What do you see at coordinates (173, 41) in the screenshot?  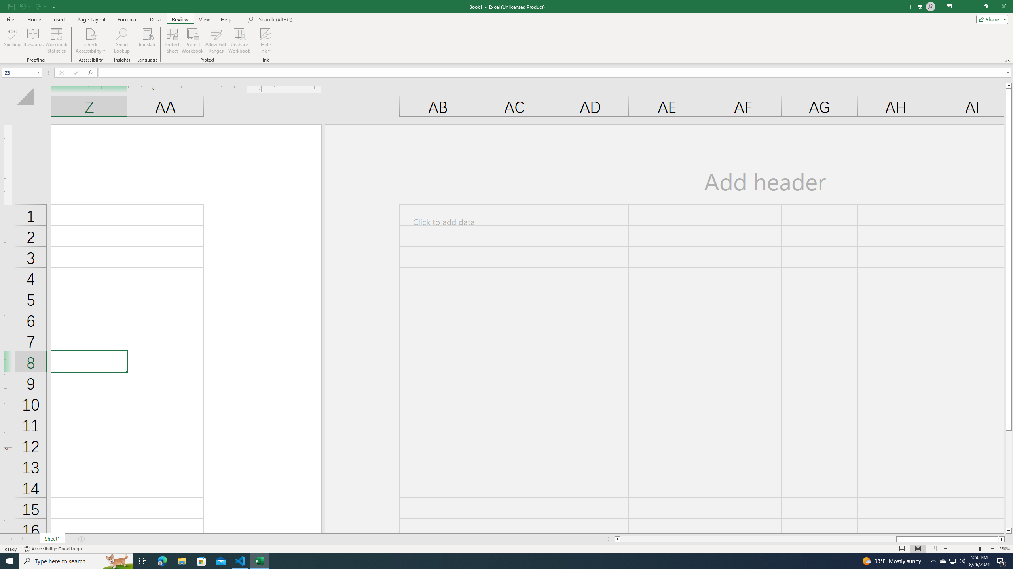 I see `'Protect Sheet...'` at bounding box center [173, 41].